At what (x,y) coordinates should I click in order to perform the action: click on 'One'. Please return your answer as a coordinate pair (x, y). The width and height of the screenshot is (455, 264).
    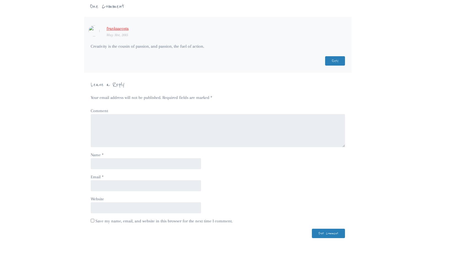
    Looking at the image, I should click on (94, 6).